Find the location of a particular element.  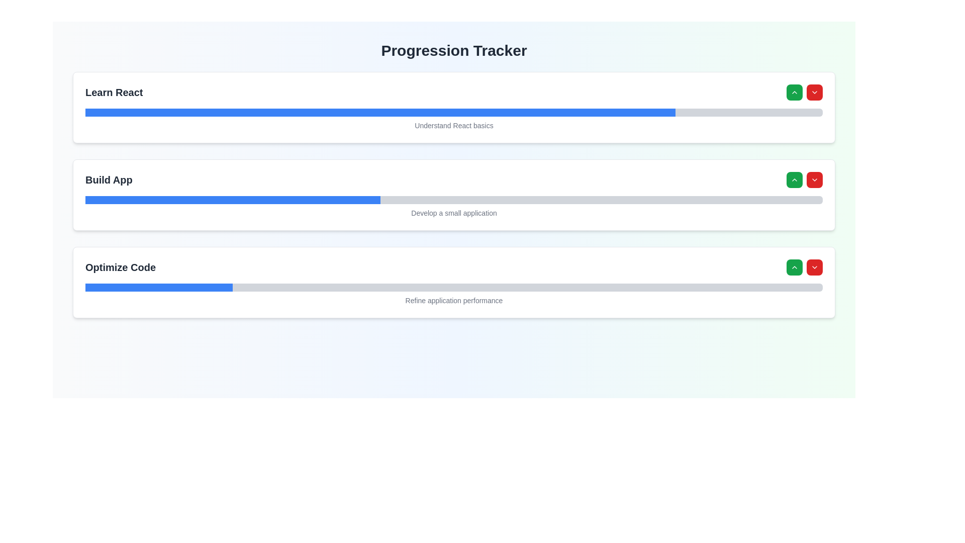

the static text element that provides additional information about the task 'Develop a small application', located directly below the progress bar in the 'Build App' section is located at coordinates (453, 211).